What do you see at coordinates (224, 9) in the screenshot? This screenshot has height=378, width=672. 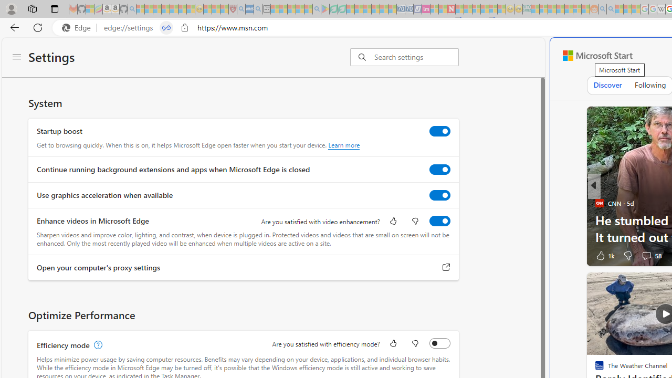 I see `'Local - MSN - Sleeping'` at bounding box center [224, 9].